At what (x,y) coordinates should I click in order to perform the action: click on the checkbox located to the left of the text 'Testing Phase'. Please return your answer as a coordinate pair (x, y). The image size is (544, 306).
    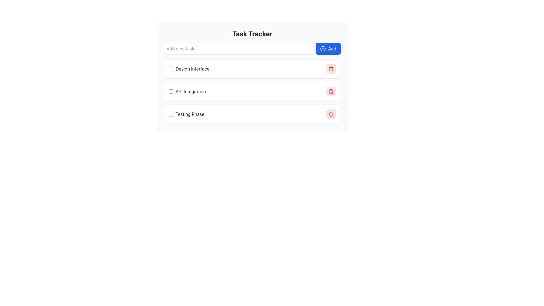
    Looking at the image, I should click on (171, 114).